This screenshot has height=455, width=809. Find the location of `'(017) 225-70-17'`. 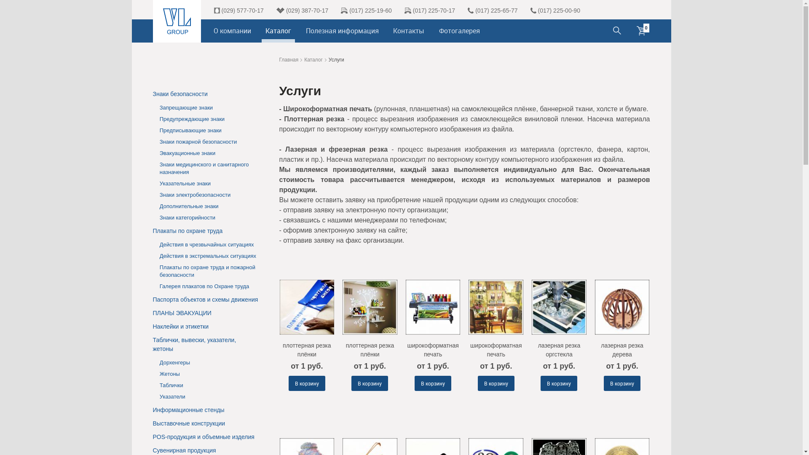

'(017) 225-70-17' is located at coordinates (434, 10).